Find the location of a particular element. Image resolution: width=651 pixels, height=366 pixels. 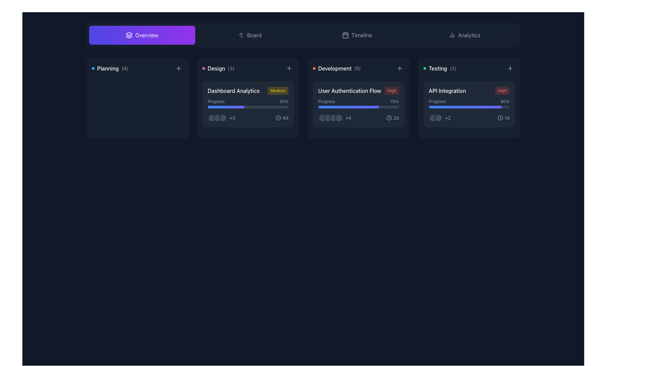

the navigation button labeled 'Analytics', which is the last item on the right in the navigation bar, for visual feedback is located at coordinates (464, 35).